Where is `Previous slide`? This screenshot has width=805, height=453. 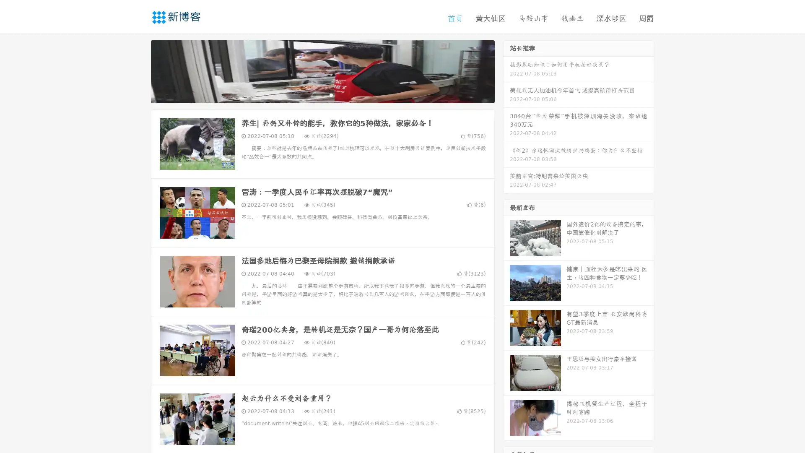
Previous slide is located at coordinates (138, 70).